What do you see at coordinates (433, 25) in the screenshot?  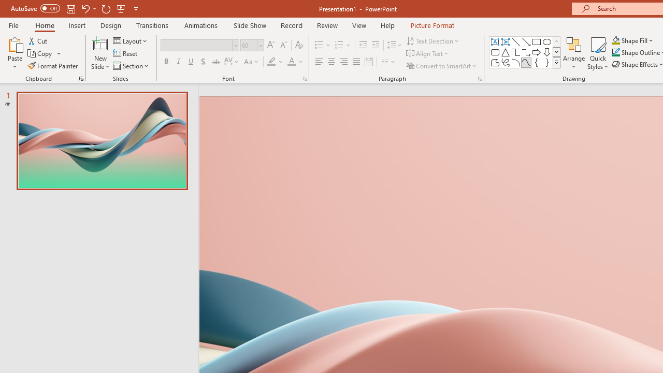 I see `'Picture Format'` at bounding box center [433, 25].